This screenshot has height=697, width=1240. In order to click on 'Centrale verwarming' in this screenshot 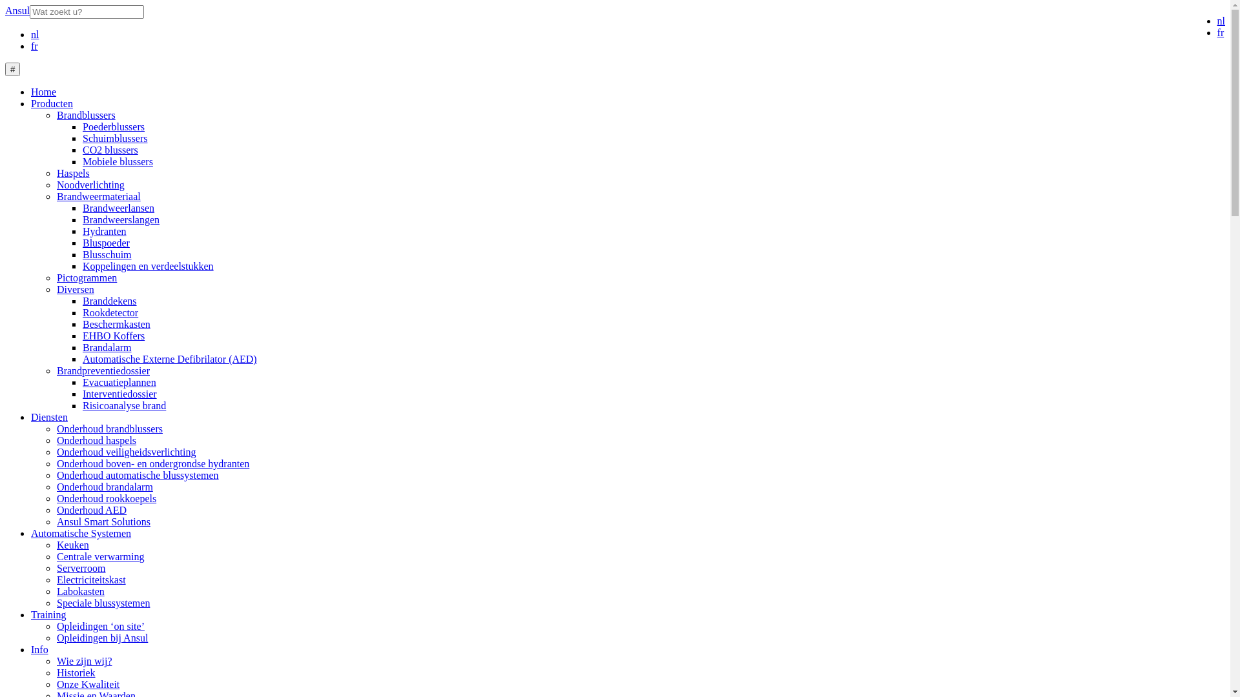, I will do `click(100, 556)`.